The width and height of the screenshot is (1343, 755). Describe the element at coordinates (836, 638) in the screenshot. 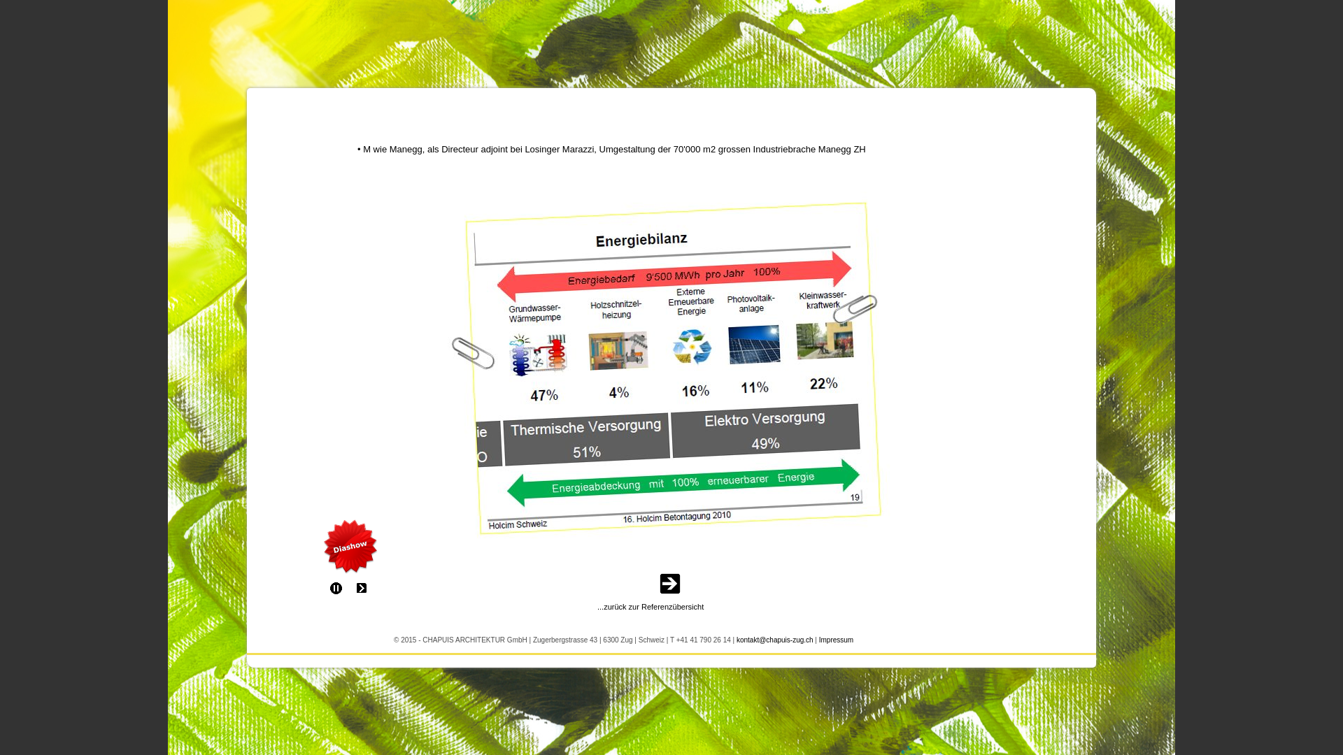

I see `'Impressum'` at that location.